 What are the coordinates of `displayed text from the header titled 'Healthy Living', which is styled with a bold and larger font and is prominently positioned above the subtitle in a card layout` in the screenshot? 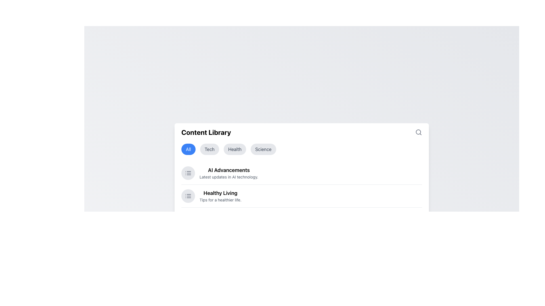 It's located at (220, 193).